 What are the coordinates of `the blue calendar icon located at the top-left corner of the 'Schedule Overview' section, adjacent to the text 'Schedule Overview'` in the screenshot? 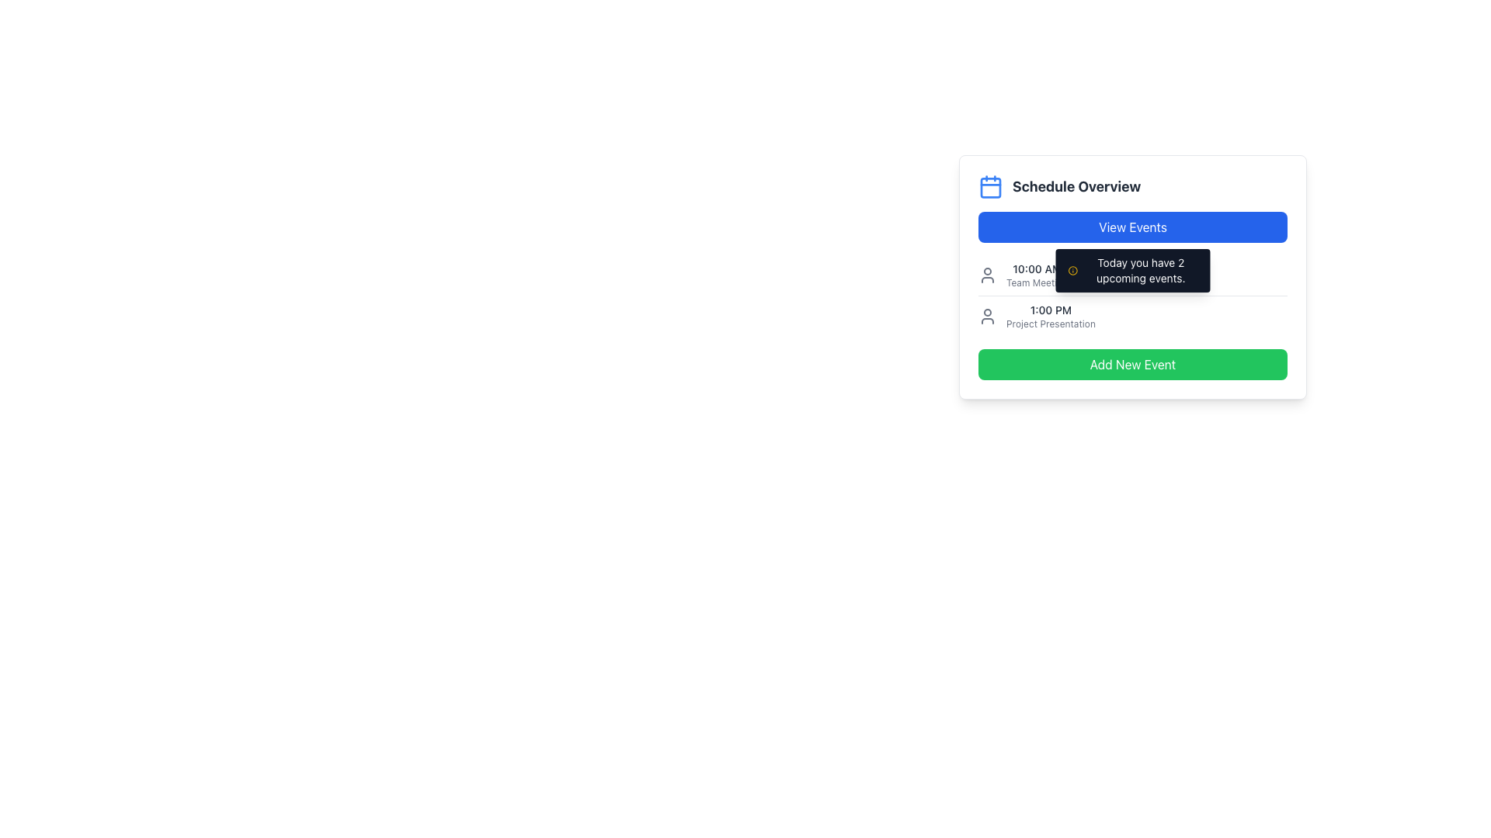 It's located at (990, 185).